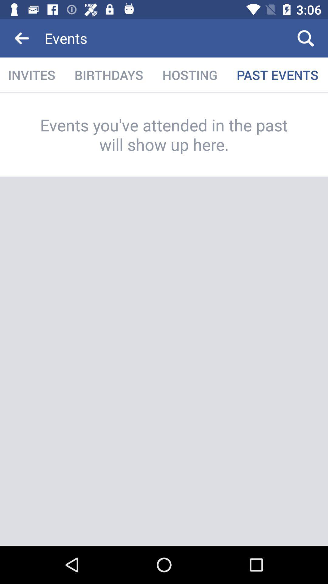 The height and width of the screenshot is (584, 328). What do you see at coordinates (190, 75) in the screenshot?
I see `item above events you ve item` at bounding box center [190, 75].